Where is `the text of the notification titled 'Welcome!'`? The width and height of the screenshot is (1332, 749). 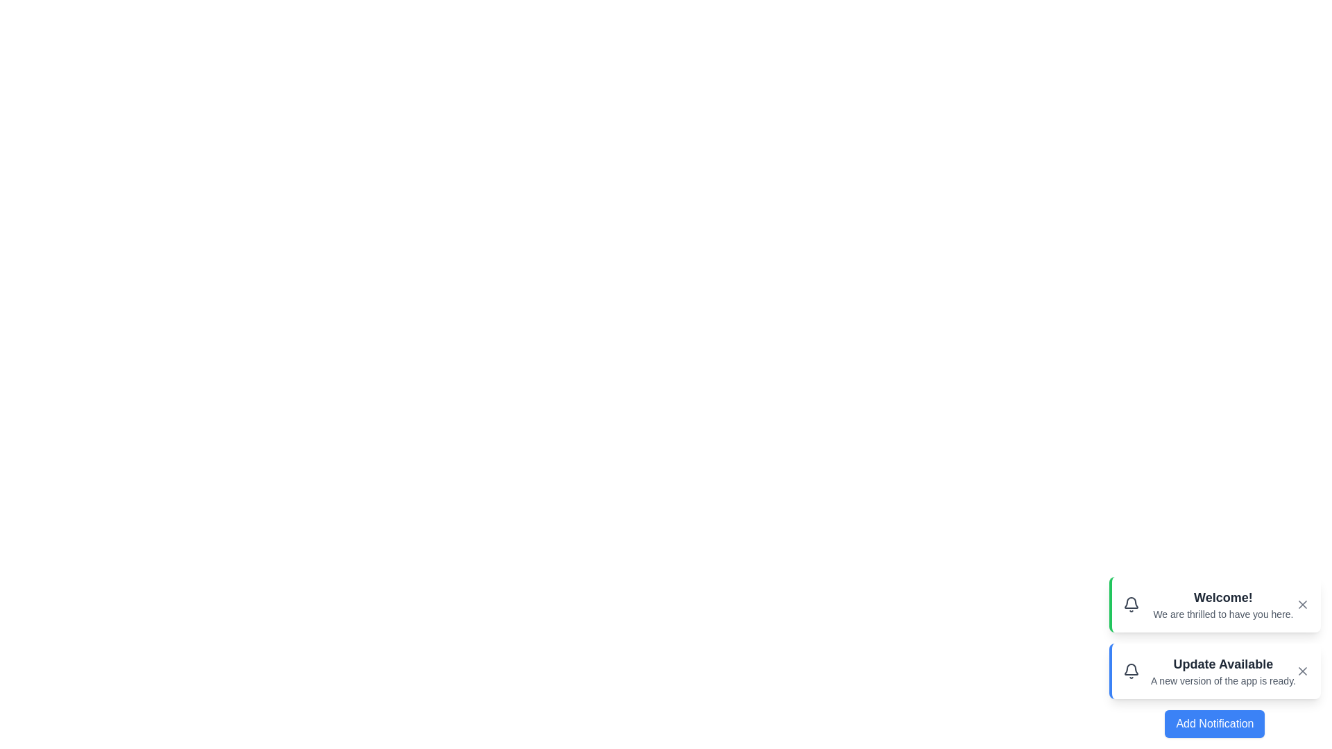 the text of the notification titled 'Welcome!' is located at coordinates (1223, 603).